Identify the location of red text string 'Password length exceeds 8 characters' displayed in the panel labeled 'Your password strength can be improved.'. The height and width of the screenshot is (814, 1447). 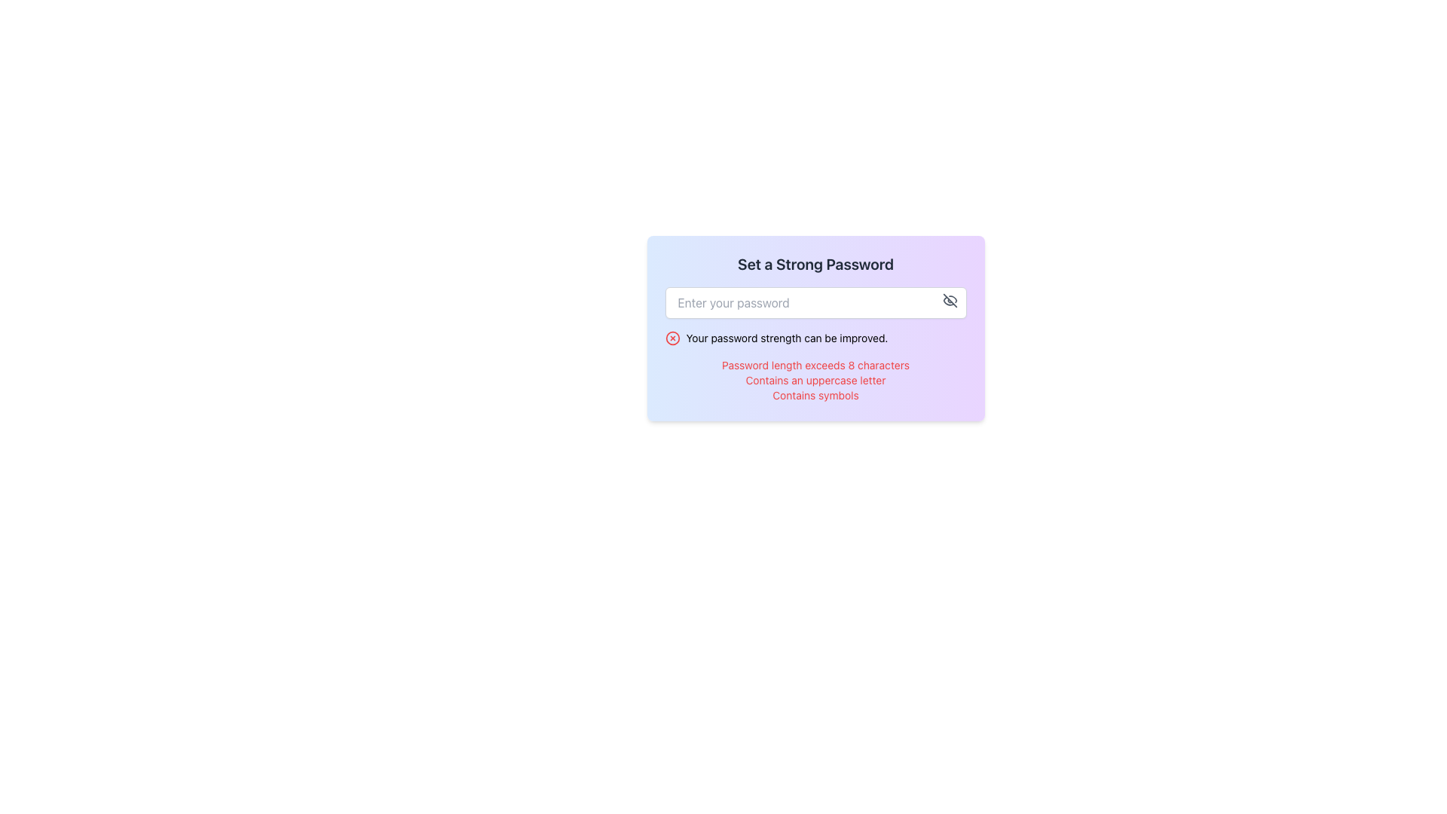
(815, 366).